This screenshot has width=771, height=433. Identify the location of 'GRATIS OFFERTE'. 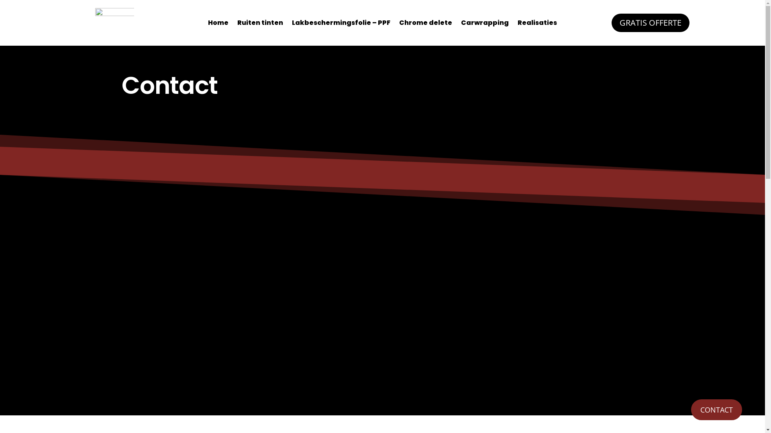
(611, 22).